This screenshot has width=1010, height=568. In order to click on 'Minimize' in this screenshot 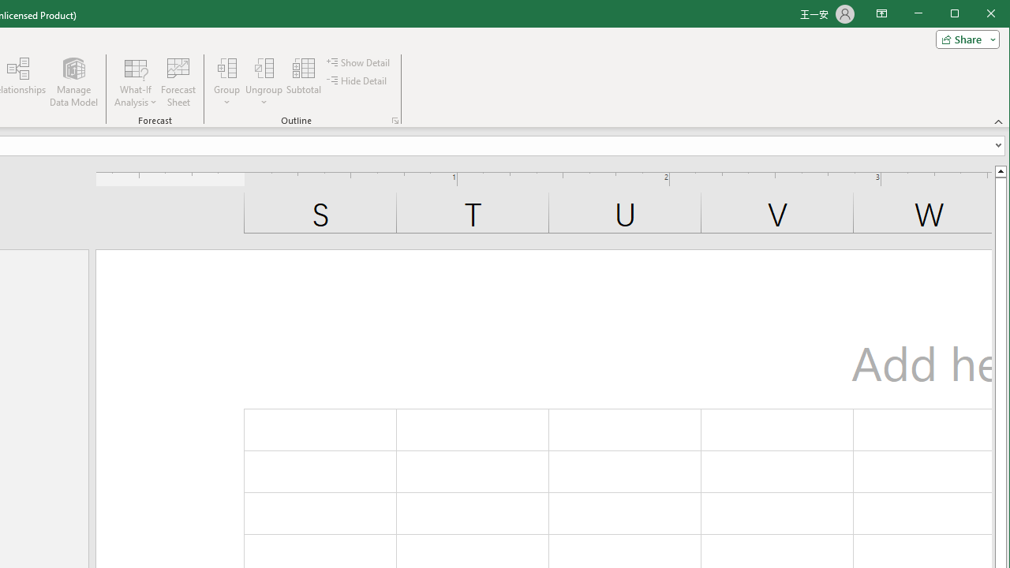, I will do `click(959, 15)`.